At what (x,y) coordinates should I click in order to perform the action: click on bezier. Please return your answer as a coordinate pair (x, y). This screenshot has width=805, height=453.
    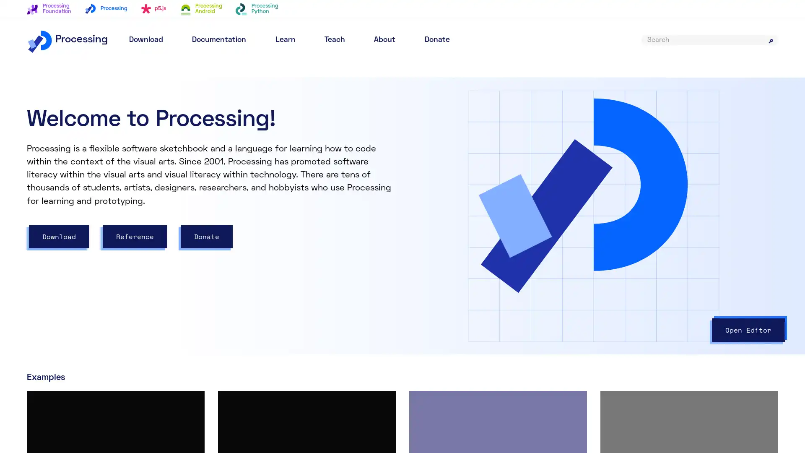
    Looking at the image, I should click on (438, 230).